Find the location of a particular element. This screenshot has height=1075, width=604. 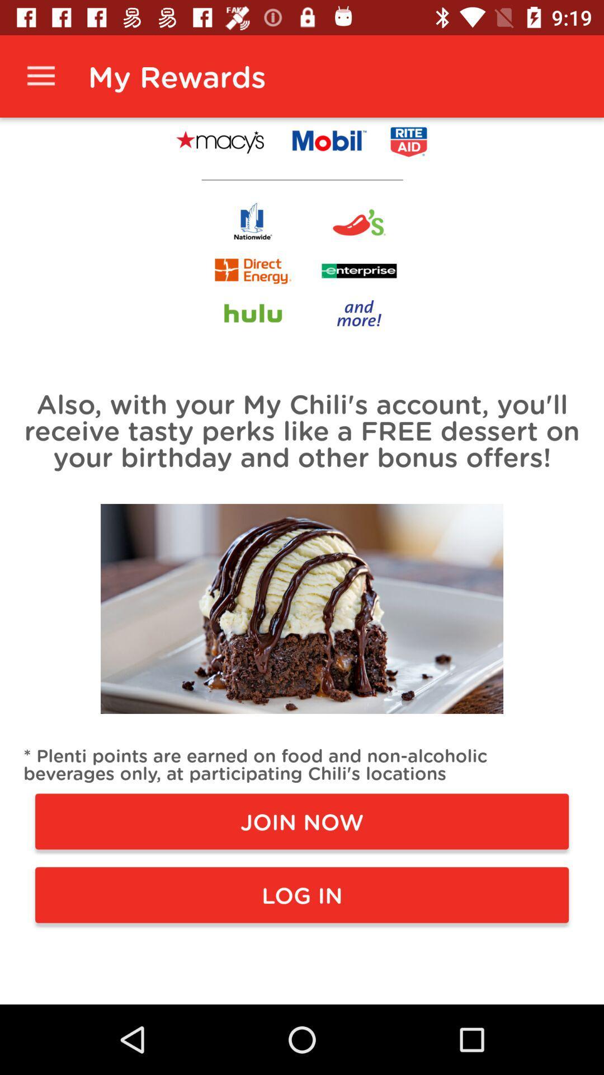

the item next to my rewards item is located at coordinates (40, 76).